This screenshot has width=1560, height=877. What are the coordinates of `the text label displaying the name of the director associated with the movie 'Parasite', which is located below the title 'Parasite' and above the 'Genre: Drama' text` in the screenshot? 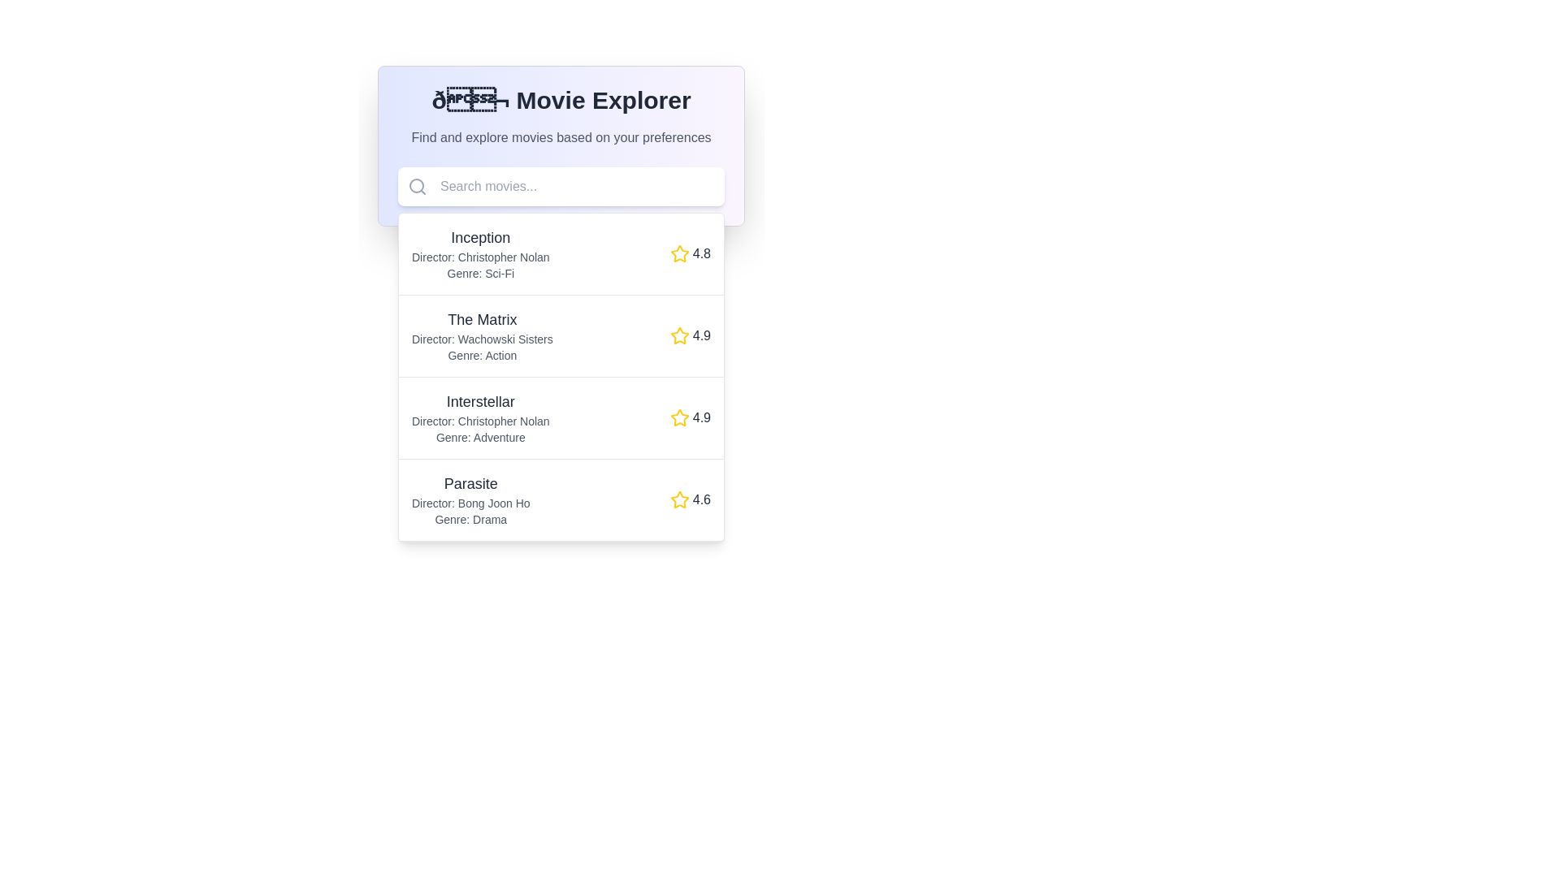 It's located at (470, 503).